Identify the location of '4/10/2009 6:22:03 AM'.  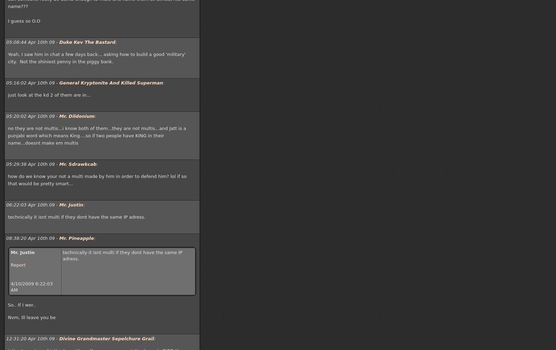
(31, 286).